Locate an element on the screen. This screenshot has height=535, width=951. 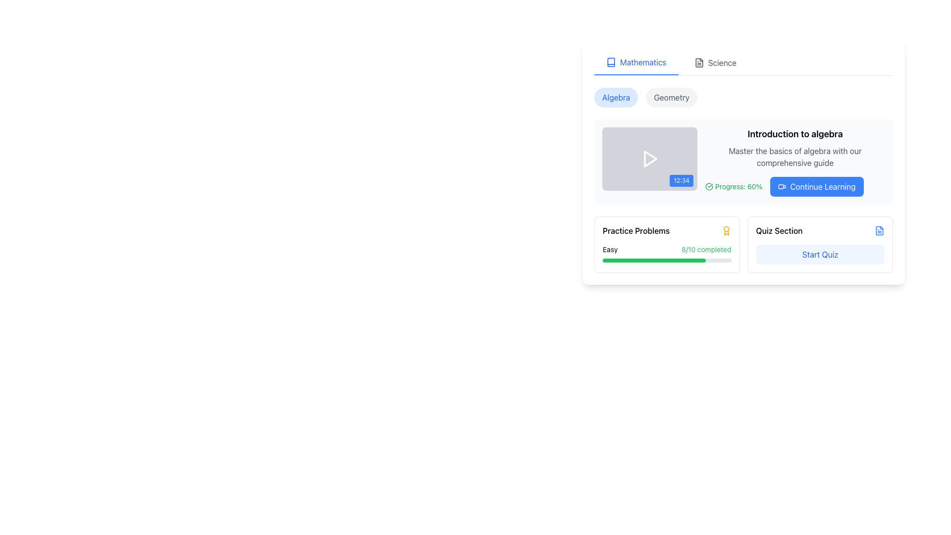
the 'Mathematics' text label in the top navigation bar is located at coordinates (643, 62).